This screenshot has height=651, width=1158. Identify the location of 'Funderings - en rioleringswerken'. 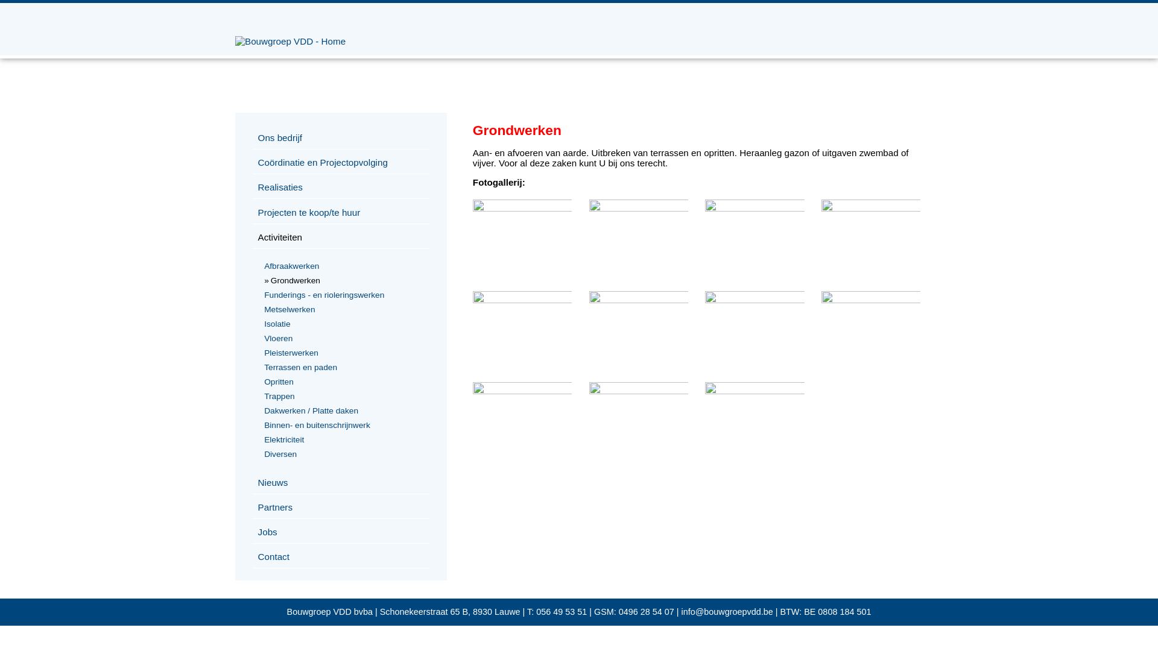
(343, 295).